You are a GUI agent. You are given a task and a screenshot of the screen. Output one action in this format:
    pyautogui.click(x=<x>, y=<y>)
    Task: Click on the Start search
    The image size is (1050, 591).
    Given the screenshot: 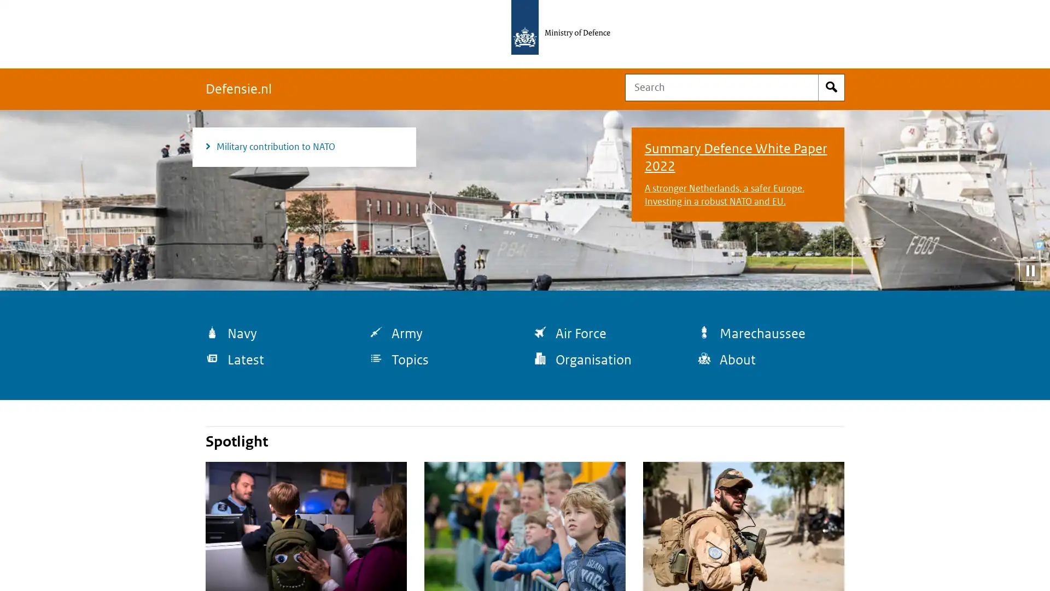 What is the action you would take?
    pyautogui.click(x=831, y=86)
    